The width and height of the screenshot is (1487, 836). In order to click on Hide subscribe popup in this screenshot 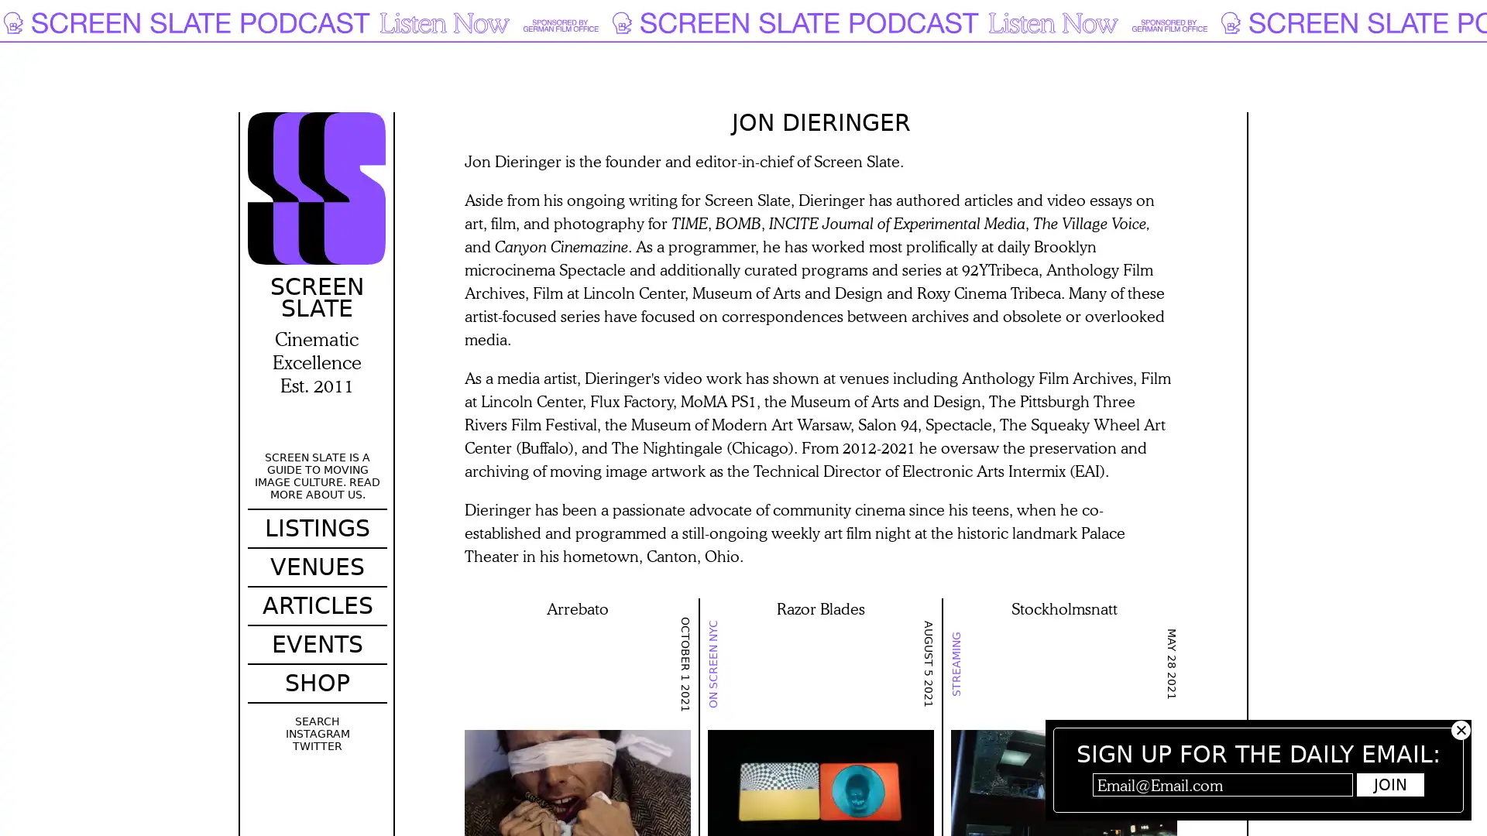, I will do `click(1460, 730)`.